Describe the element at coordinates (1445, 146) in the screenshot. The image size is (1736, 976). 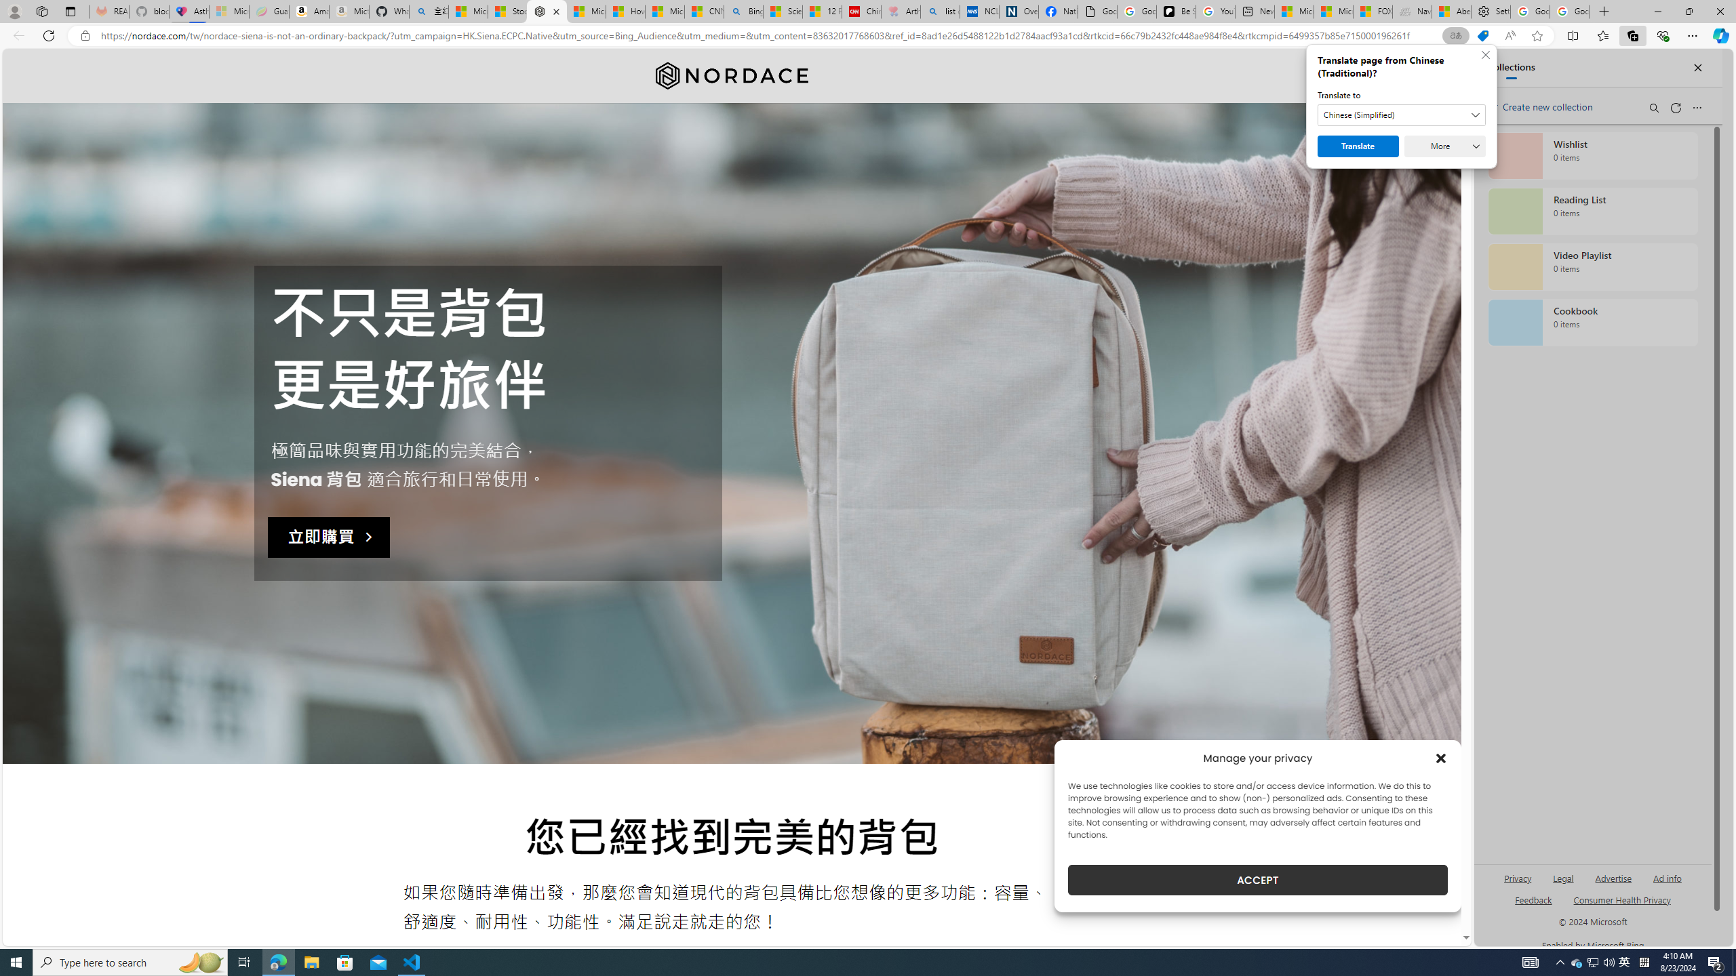
I see `'More'` at that location.